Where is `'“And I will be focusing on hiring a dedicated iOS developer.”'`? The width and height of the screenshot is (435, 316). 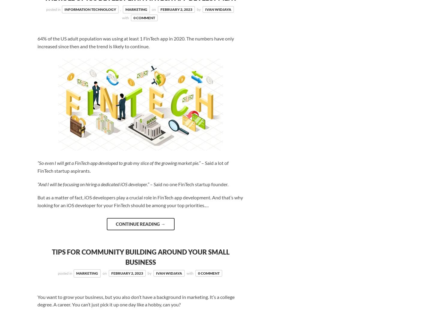 '“And I will be focusing on hiring a dedicated iOS developer.”' is located at coordinates (37, 183).